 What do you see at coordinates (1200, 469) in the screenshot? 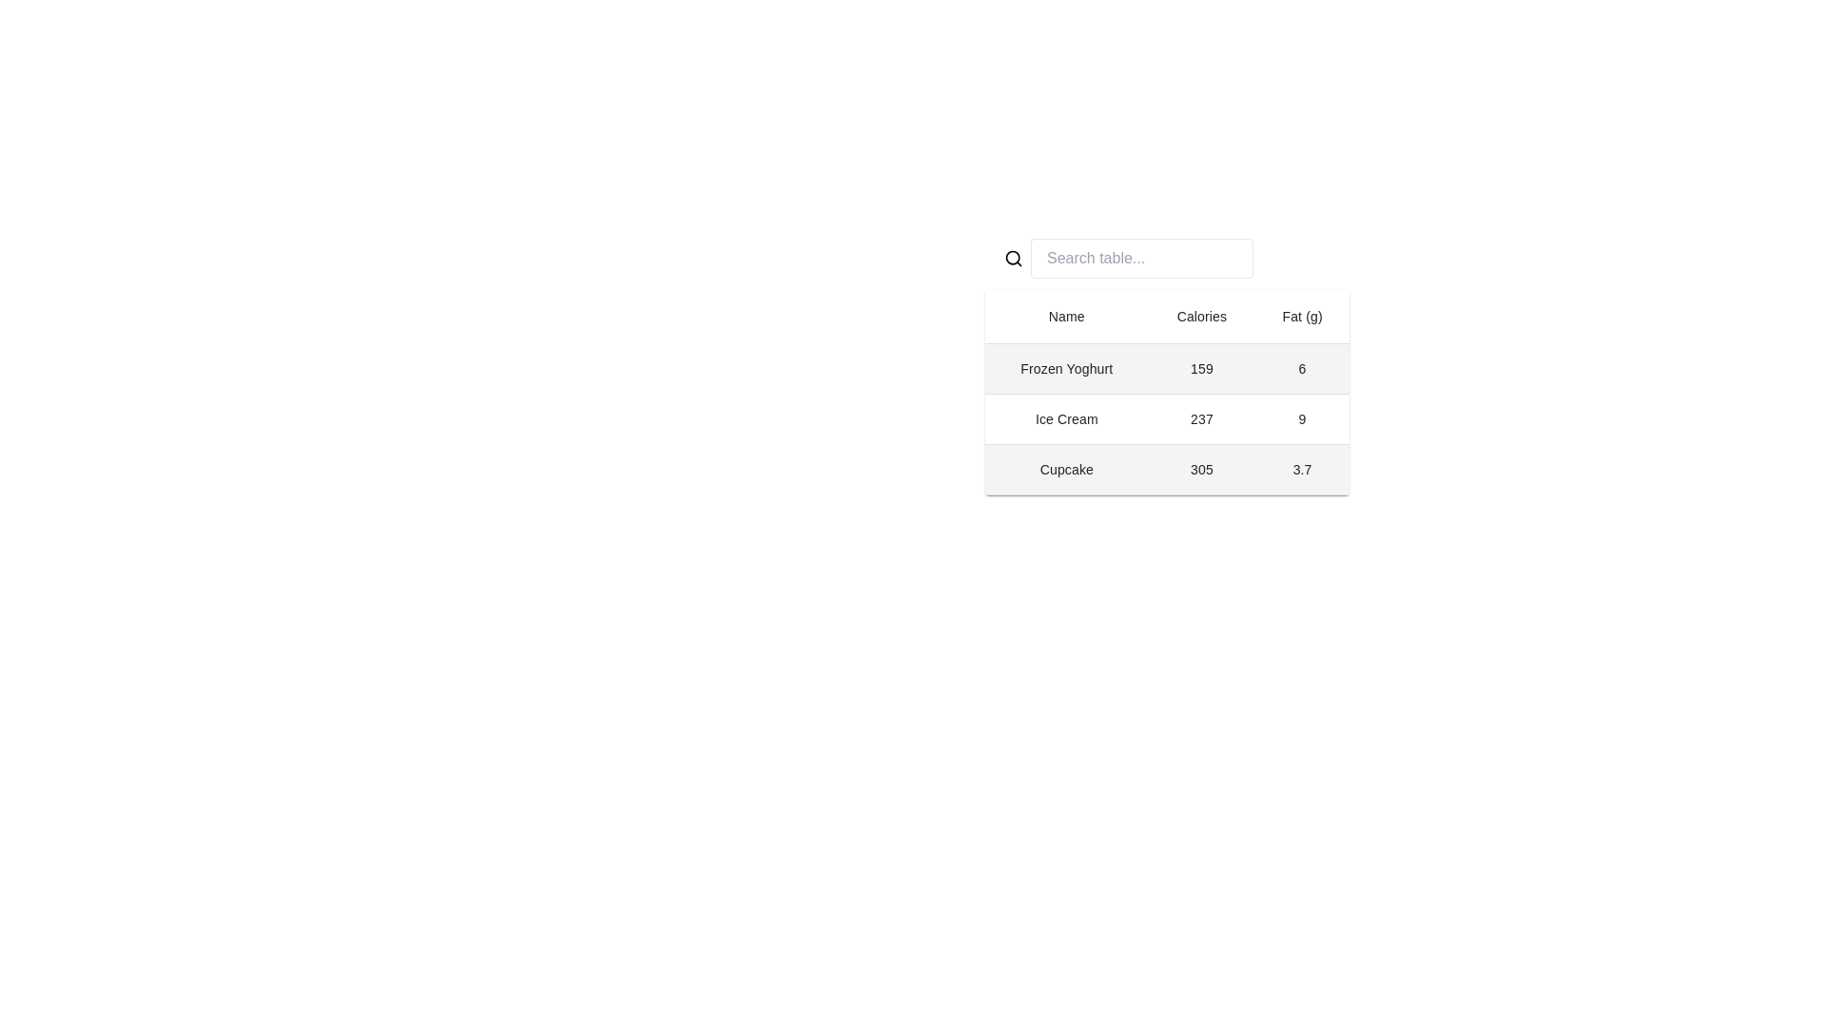
I see `the table cell displaying the calorie count for the 'Cupcake' entry, located in the third row under the 'Calories' column` at bounding box center [1200, 469].